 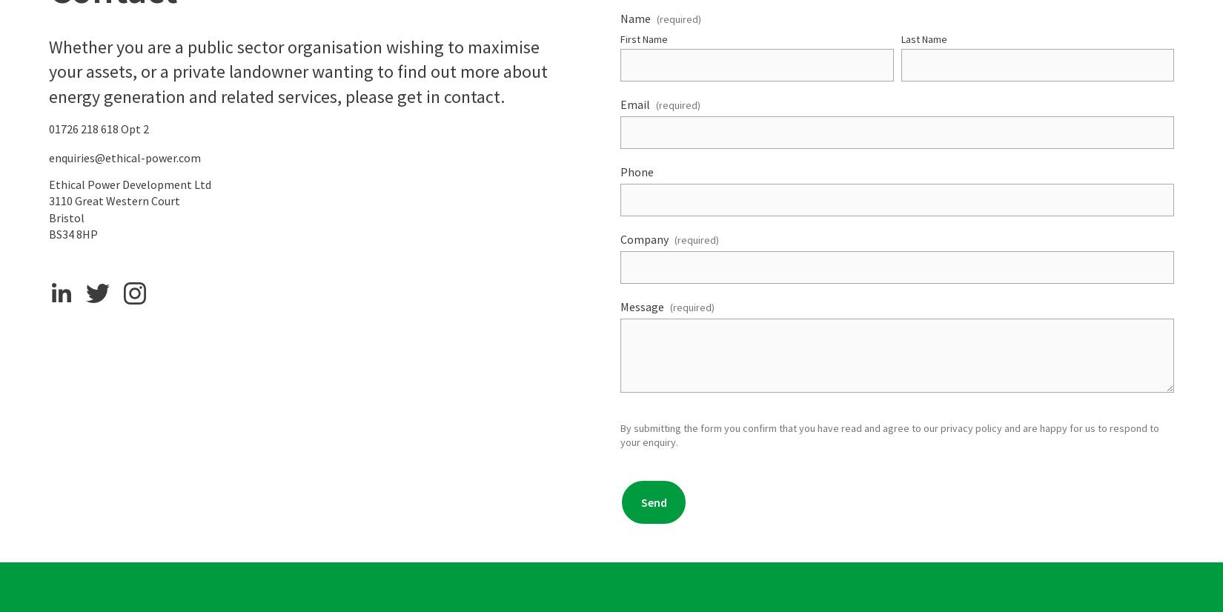 I want to click on 'and are happy for us to respond to your enquiry.', so click(x=891, y=434).